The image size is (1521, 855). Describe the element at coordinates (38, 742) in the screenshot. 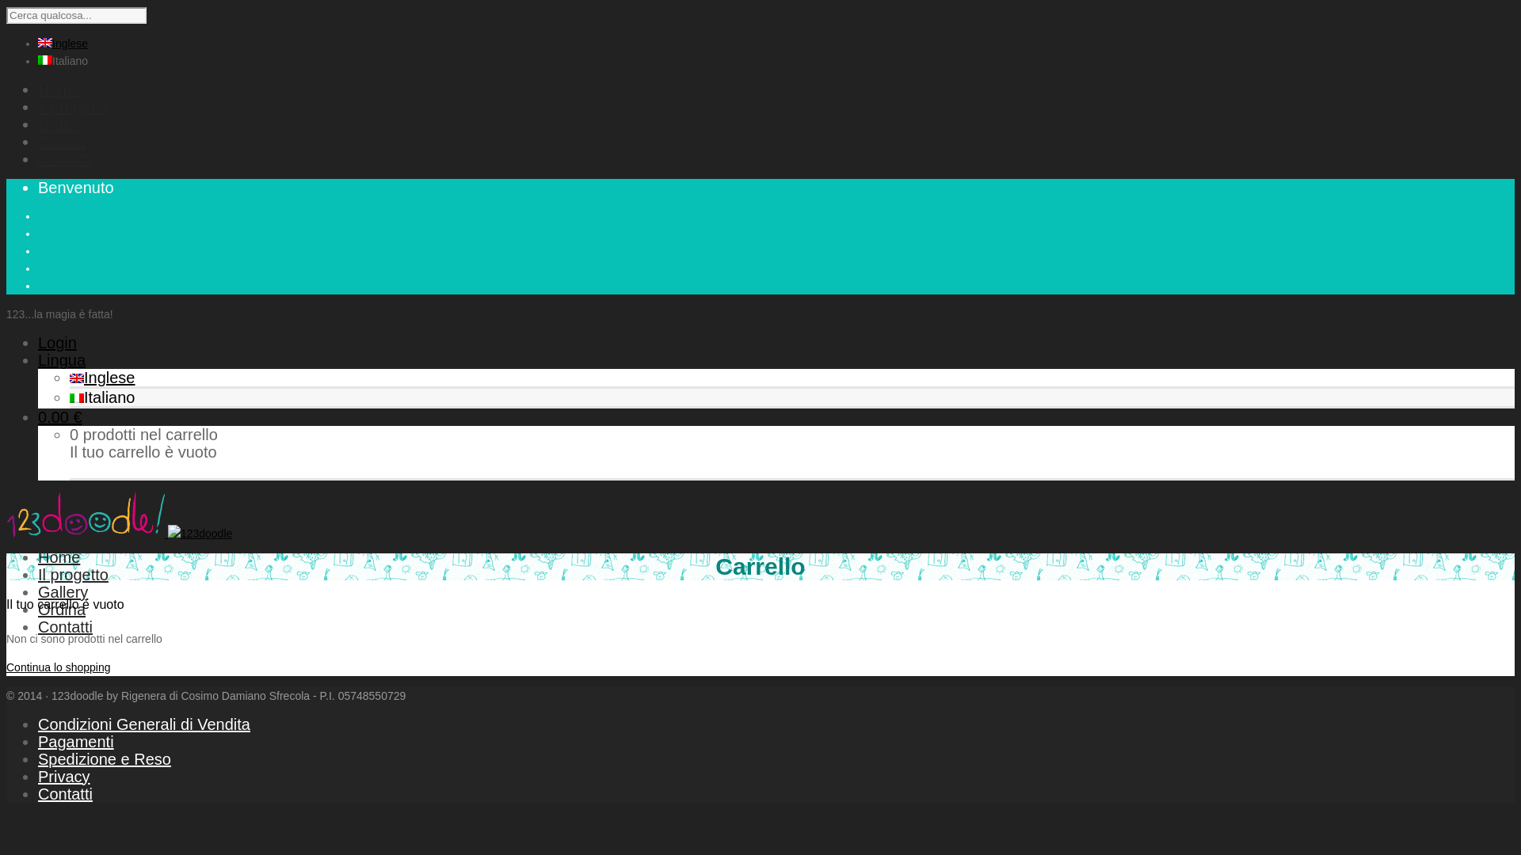

I see `'Pagamenti'` at that location.